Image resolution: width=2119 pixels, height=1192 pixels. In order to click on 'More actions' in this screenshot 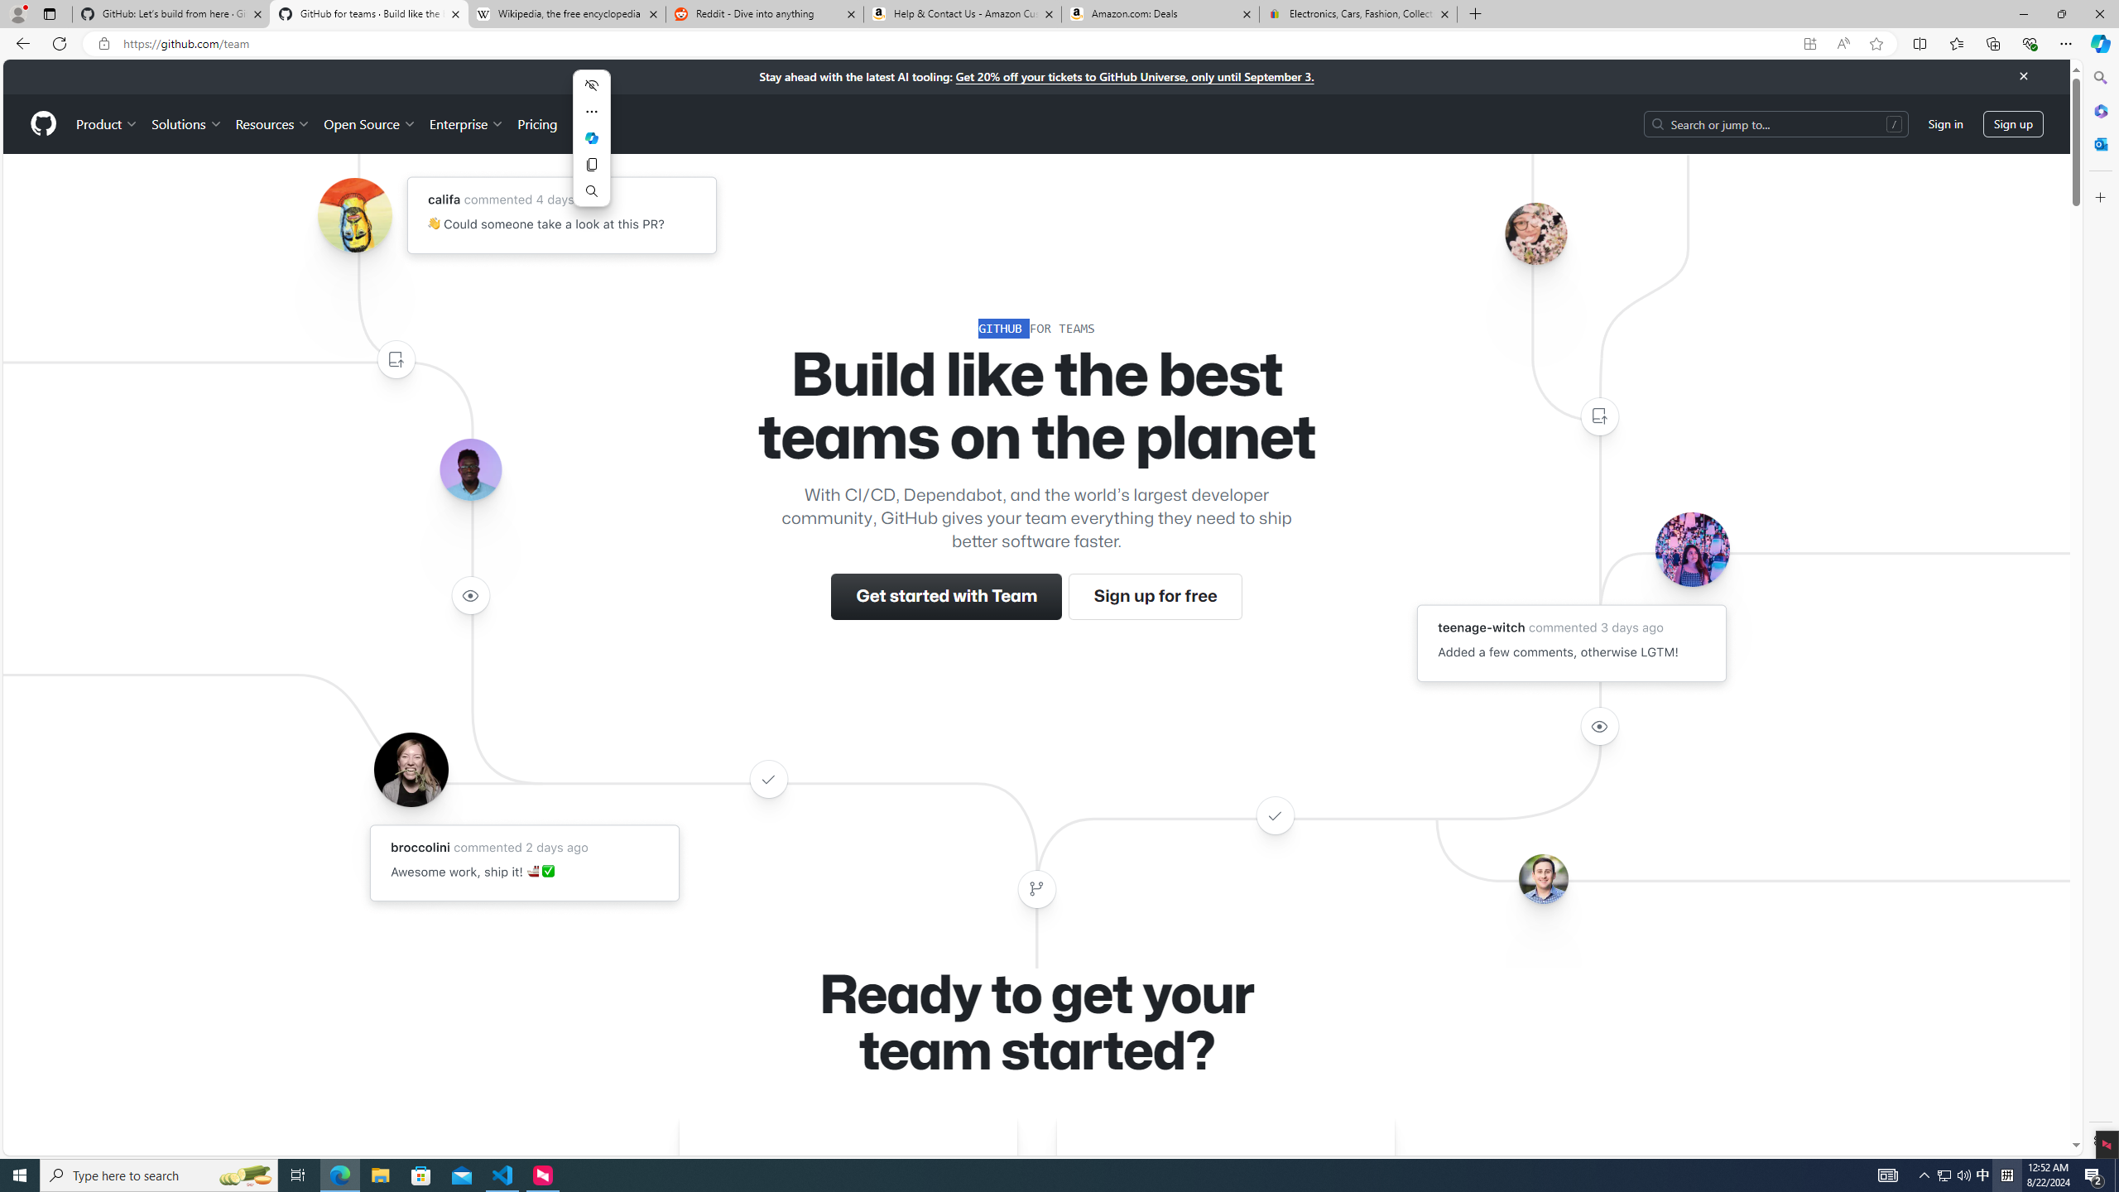, I will do `click(591, 111)`.